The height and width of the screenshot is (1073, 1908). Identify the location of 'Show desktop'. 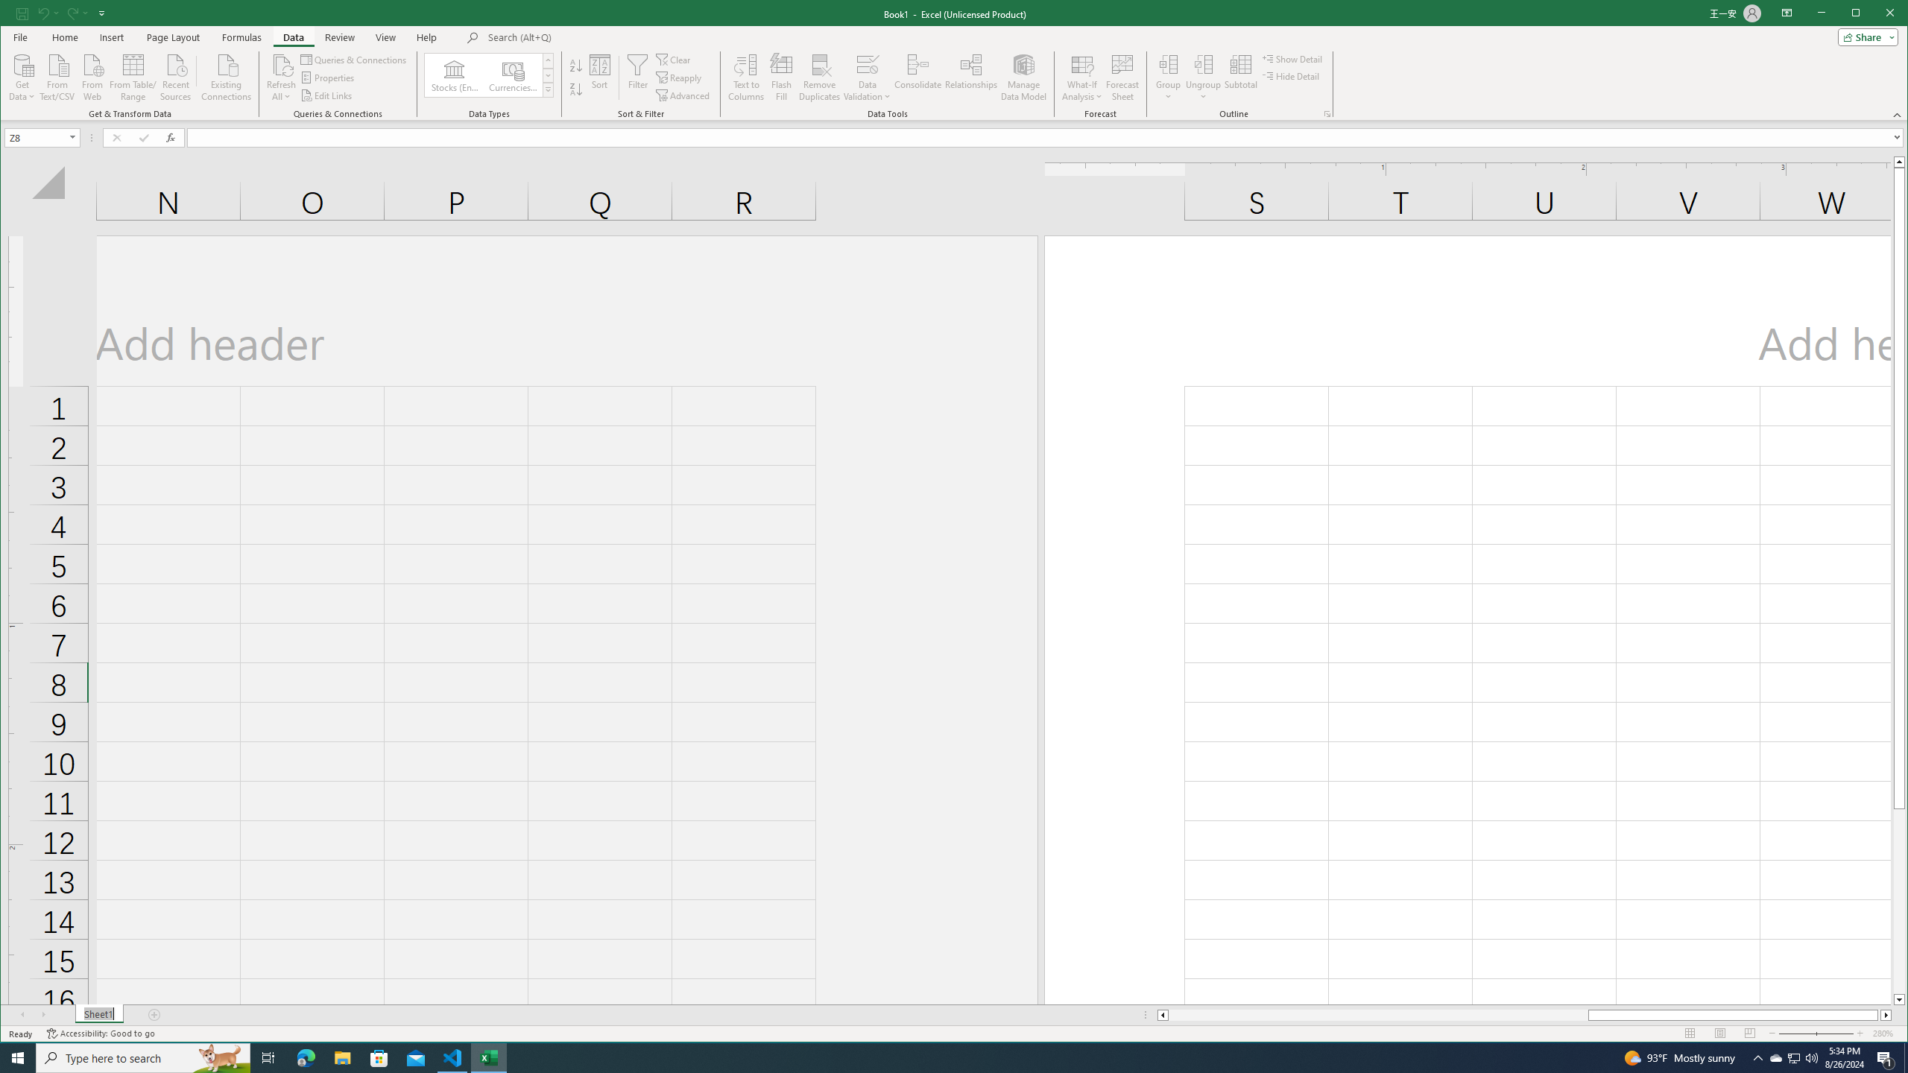
(1905, 1057).